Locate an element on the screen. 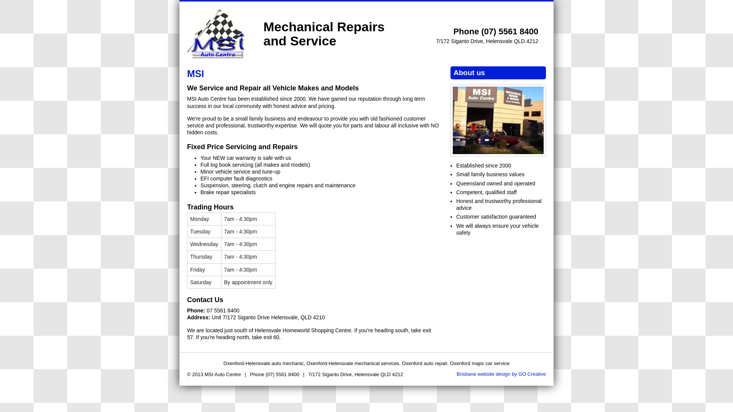 This screenshot has width=733, height=412. 'MSI' is located at coordinates (195, 73).